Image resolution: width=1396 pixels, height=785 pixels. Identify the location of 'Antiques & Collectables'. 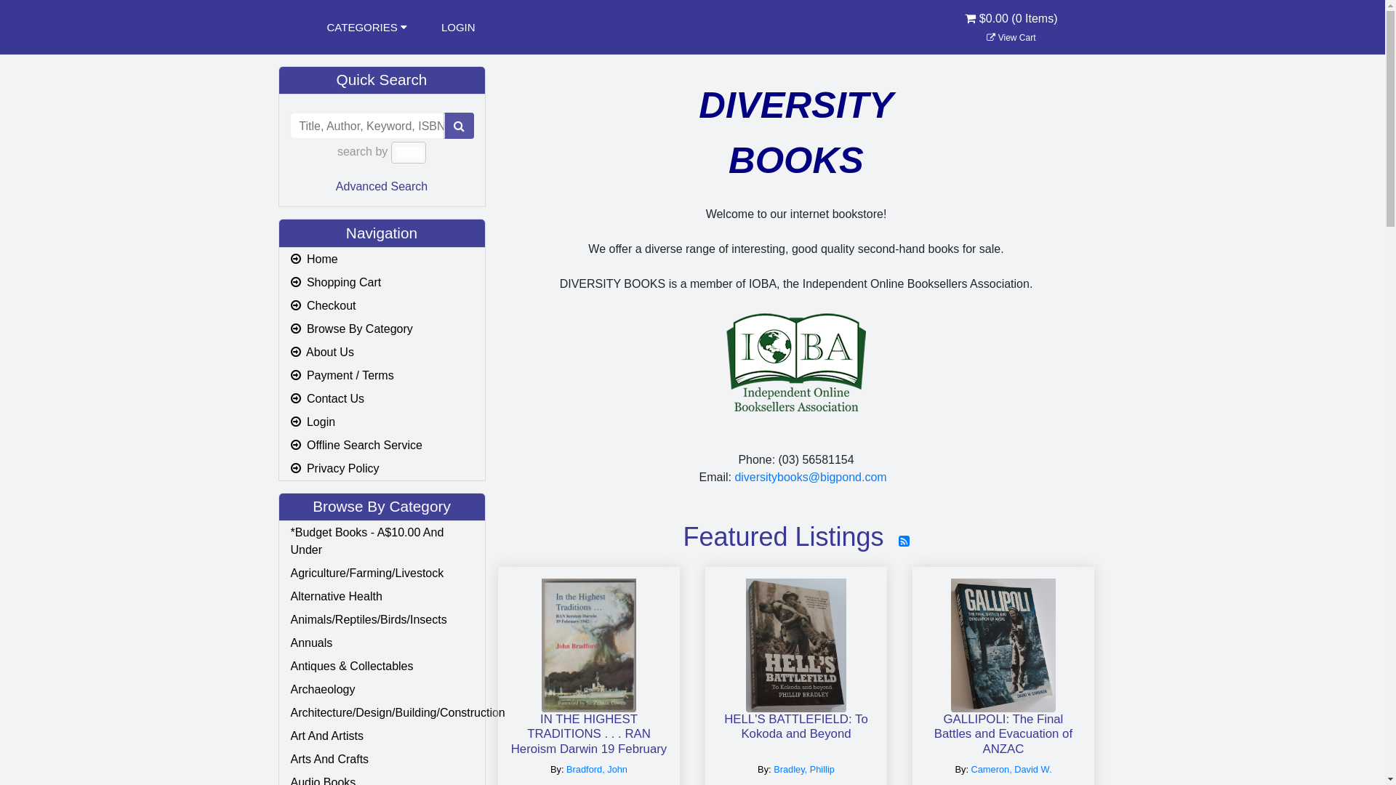
(279, 667).